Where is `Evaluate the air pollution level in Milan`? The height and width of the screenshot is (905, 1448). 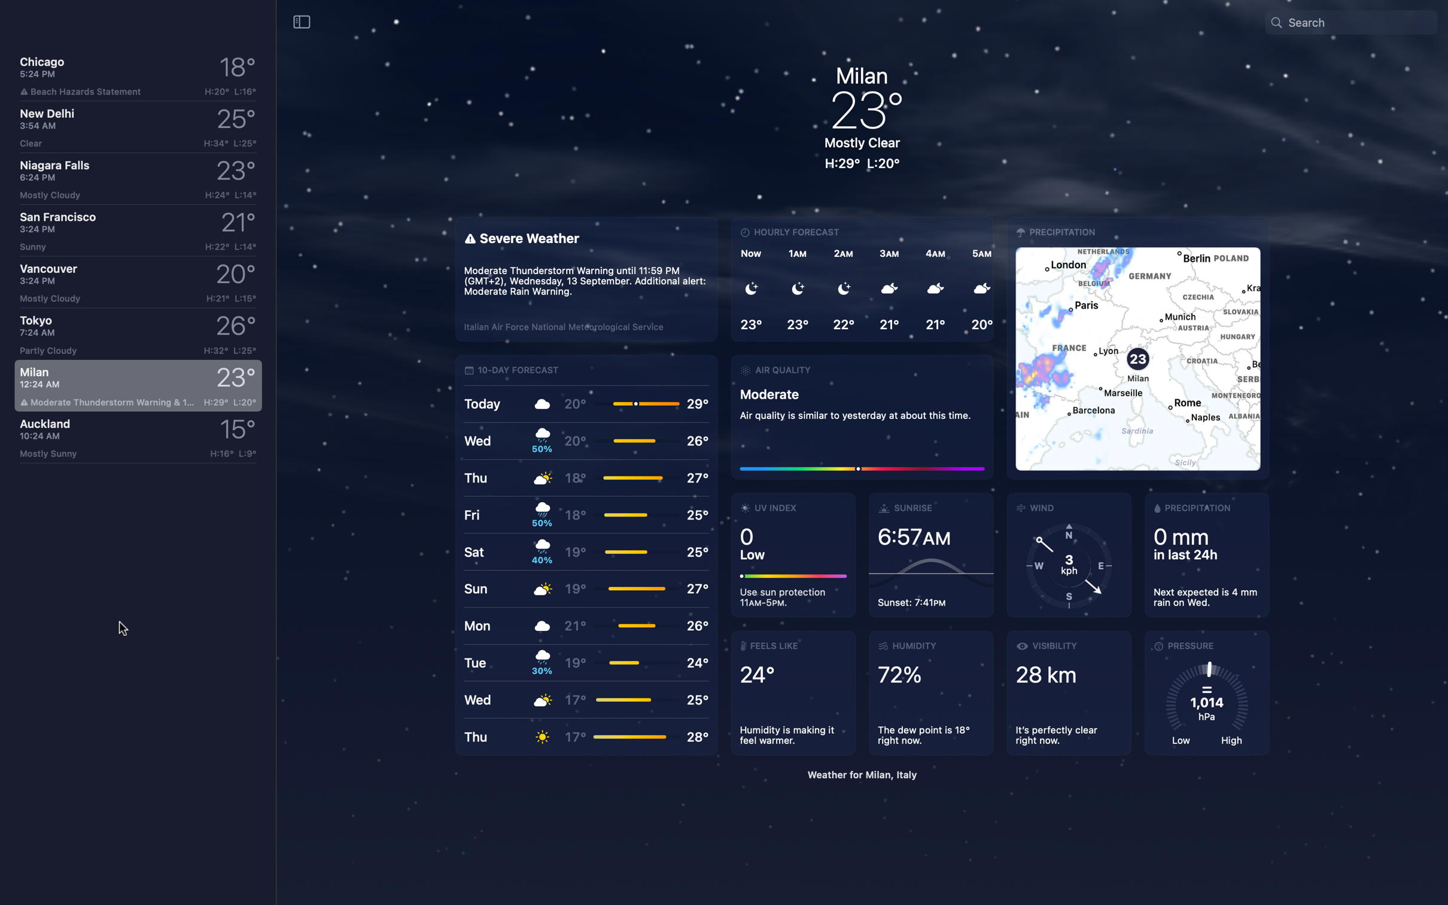 Evaluate the air pollution level in Milan is located at coordinates (862, 415).